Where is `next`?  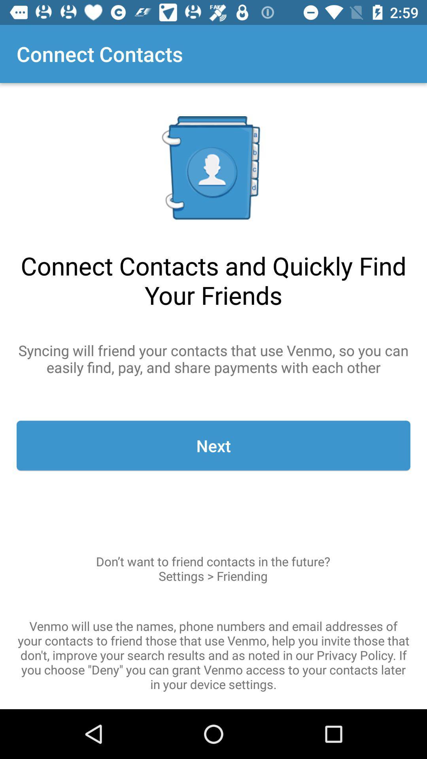
next is located at coordinates (213, 446).